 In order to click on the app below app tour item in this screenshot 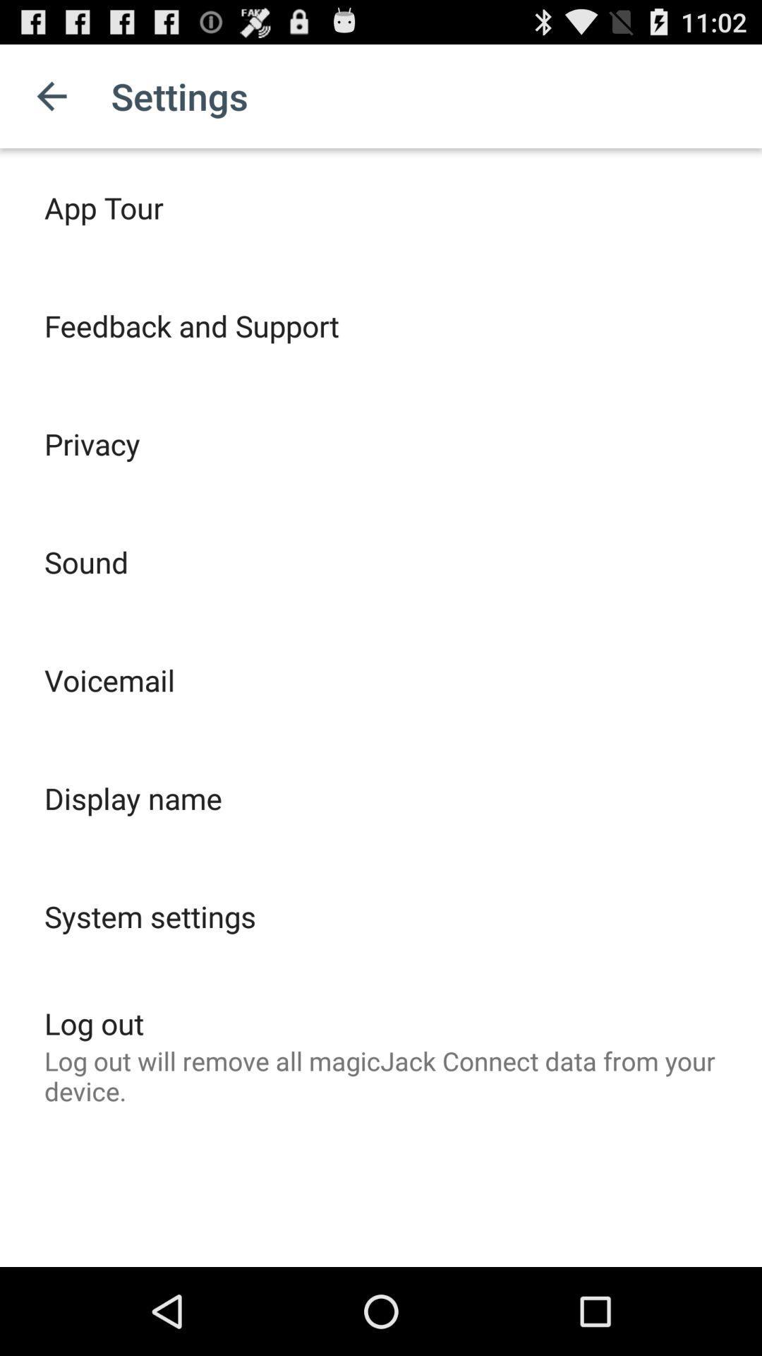, I will do `click(191, 325)`.